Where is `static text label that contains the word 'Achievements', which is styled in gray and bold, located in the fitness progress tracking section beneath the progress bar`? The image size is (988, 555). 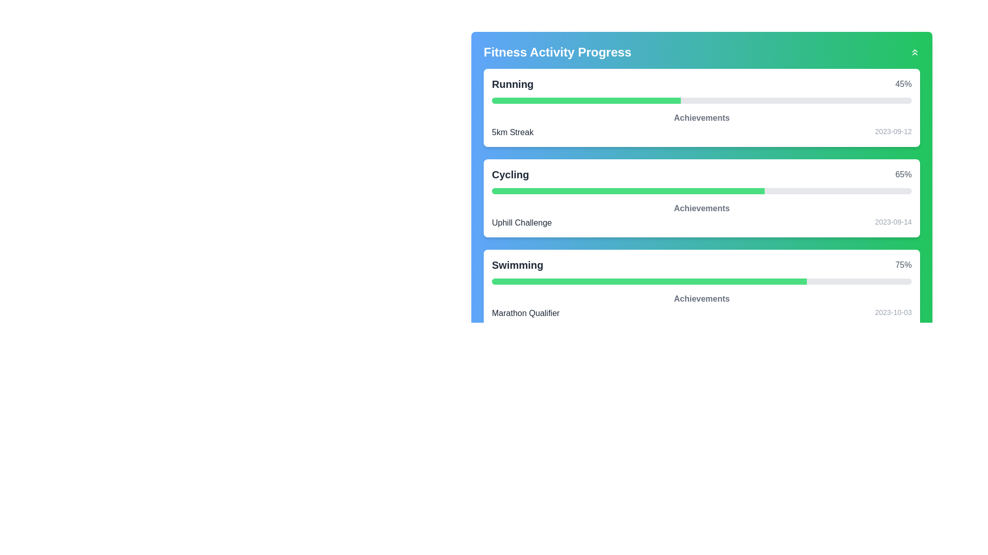 static text label that contains the word 'Achievements', which is styled in gray and bold, located in the fitness progress tracking section beneath the progress bar is located at coordinates (701, 118).